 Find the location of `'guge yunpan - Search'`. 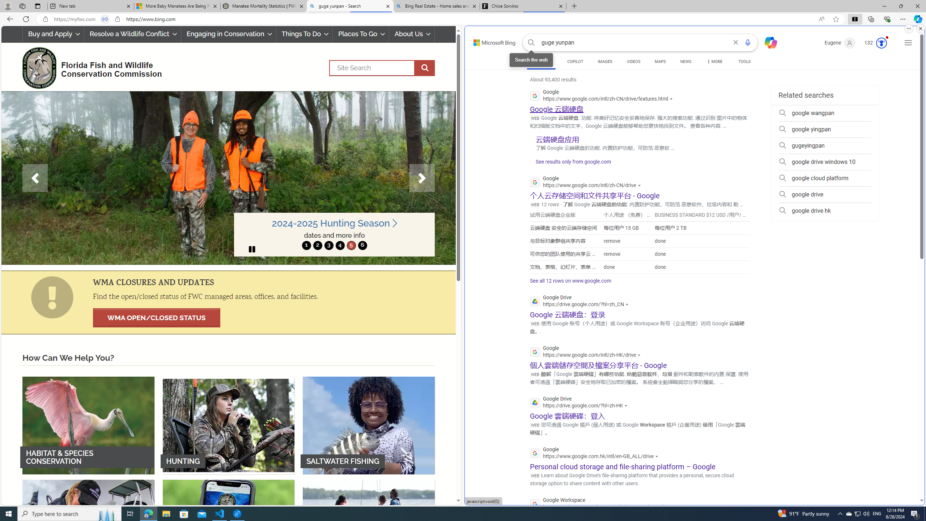

'guge yunpan - Search' is located at coordinates (349, 6).